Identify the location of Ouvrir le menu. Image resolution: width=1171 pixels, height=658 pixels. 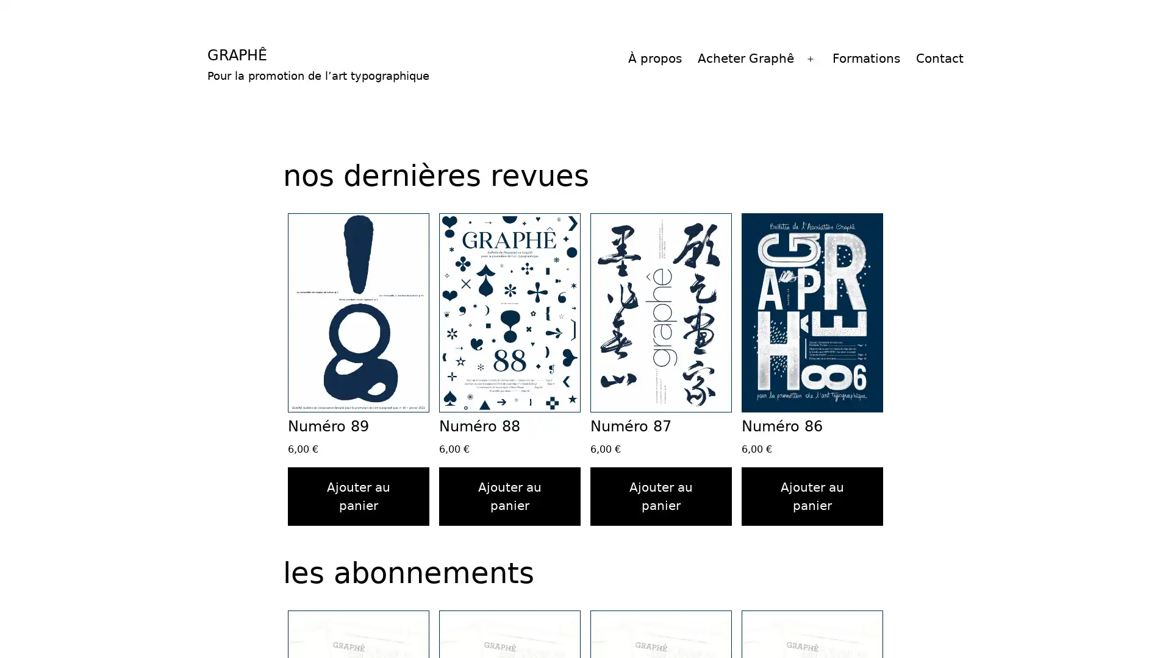
(811, 58).